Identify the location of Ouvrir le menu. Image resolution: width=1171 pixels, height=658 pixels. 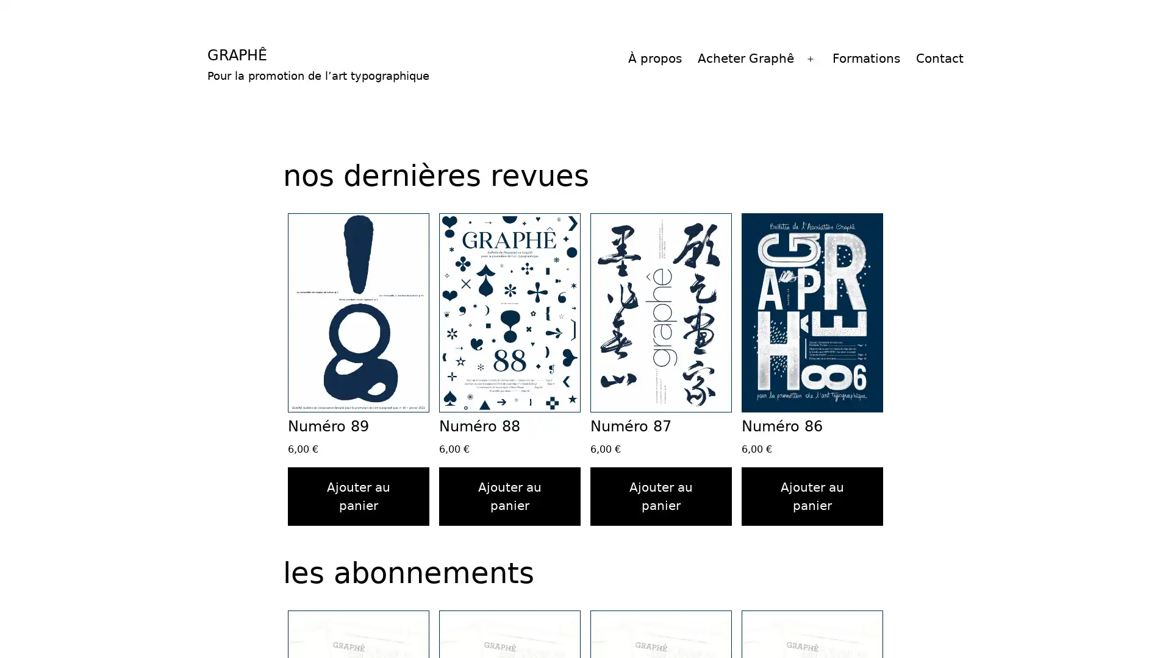
(811, 58).